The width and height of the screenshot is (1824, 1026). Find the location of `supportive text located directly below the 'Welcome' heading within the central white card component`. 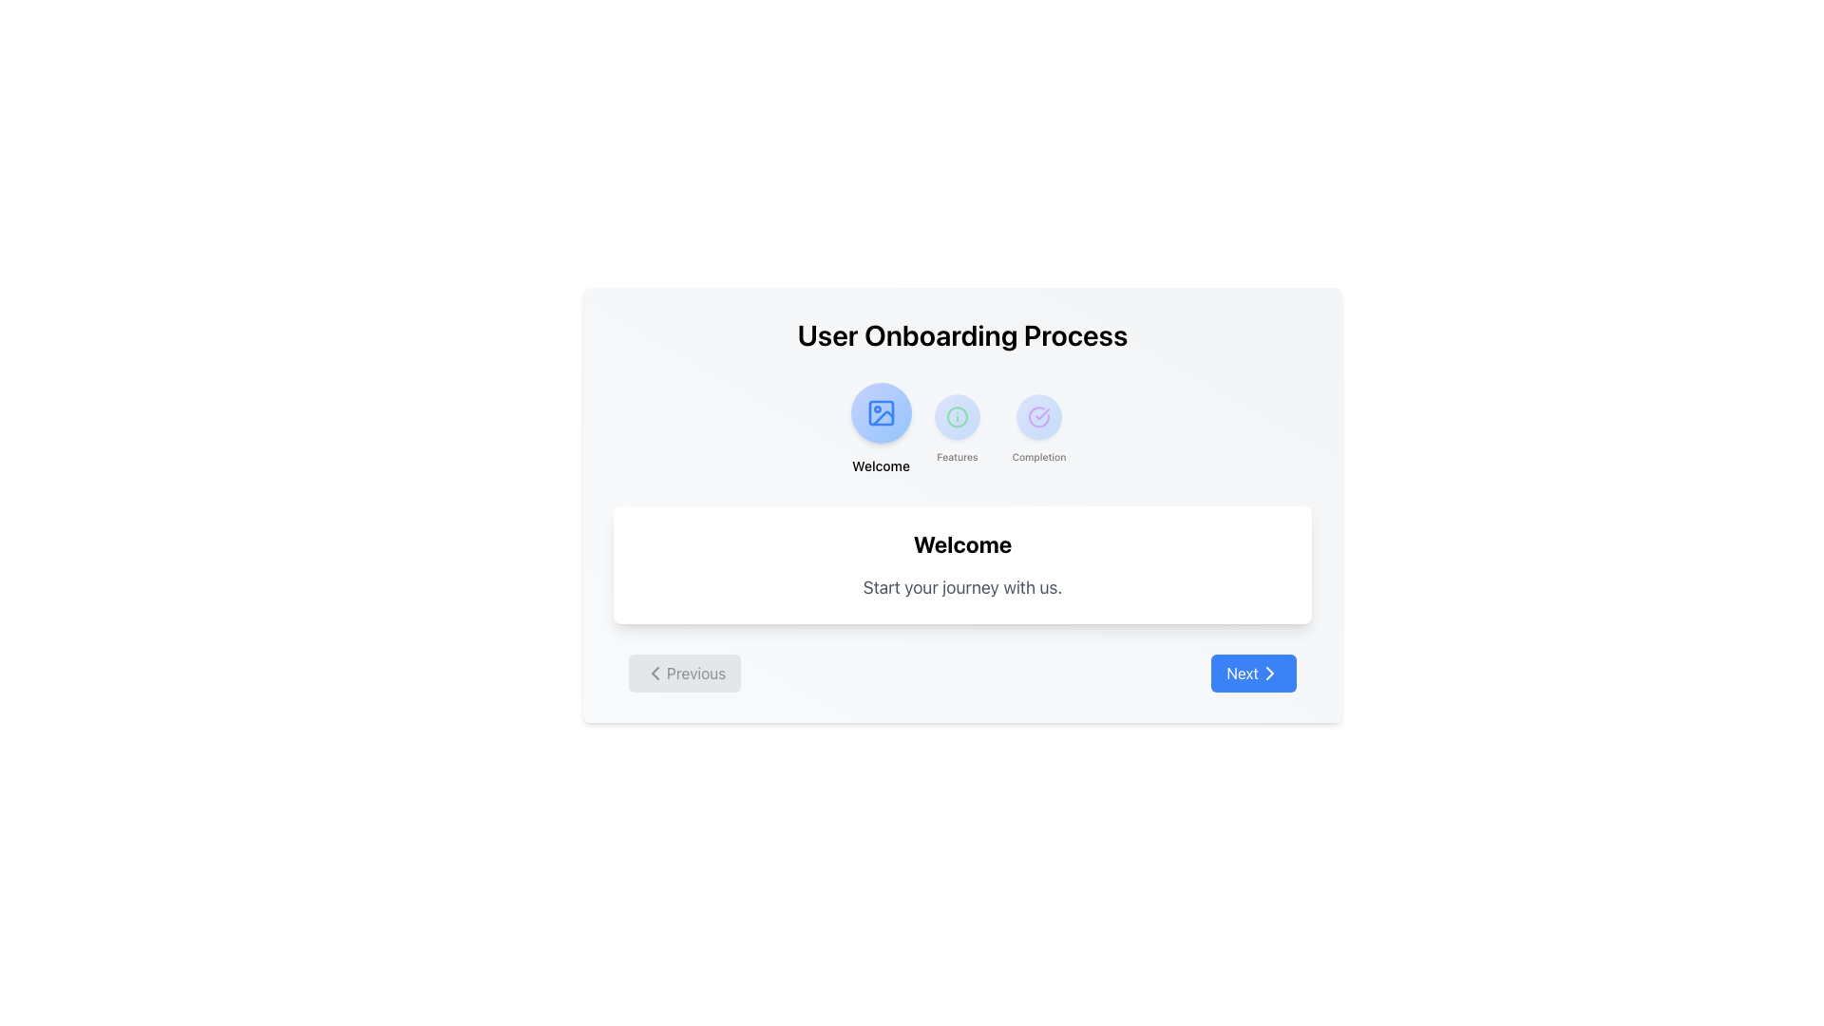

supportive text located directly below the 'Welcome' heading within the central white card component is located at coordinates (962, 586).